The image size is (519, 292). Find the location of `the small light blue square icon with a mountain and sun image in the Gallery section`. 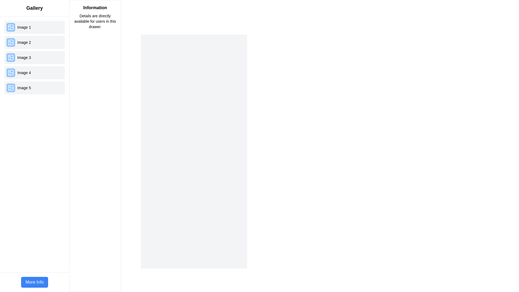

the small light blue square icon with a mountain and sun image in the Gallery section is located at coordinates (11, 57).